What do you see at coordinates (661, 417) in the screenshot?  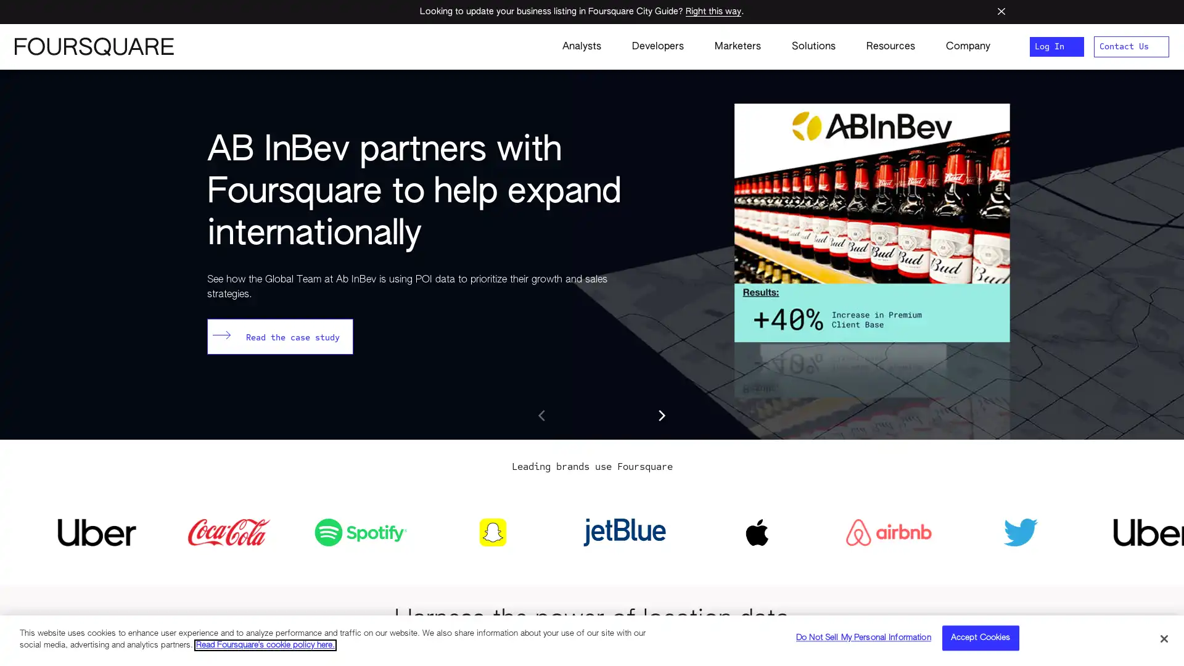 I see `Next` at bounding box center [661, 417].